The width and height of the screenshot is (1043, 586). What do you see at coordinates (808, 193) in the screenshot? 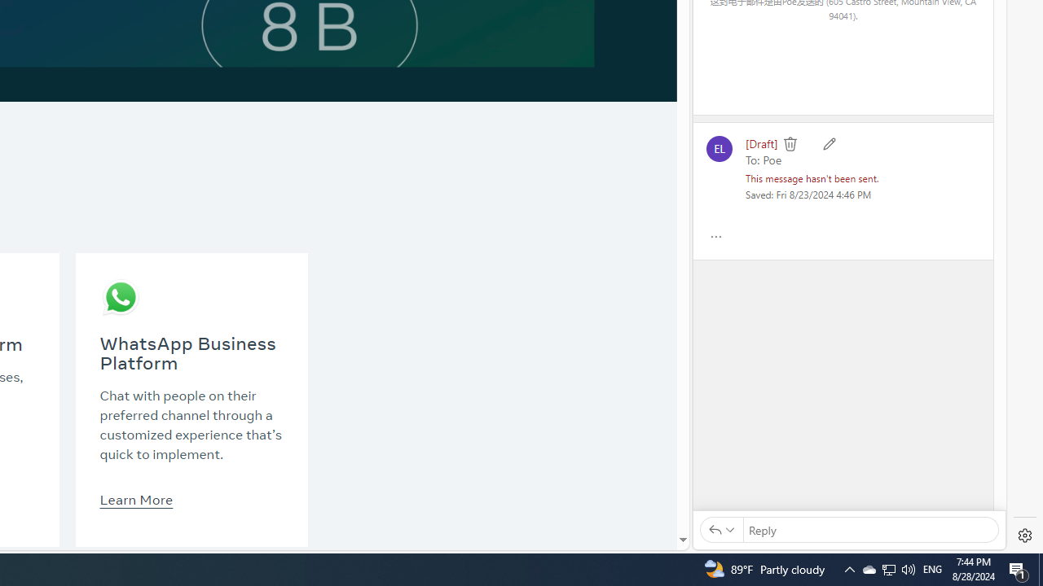
I see `'Draft saved on Fri 8/23/2024 4:46 PM'` at bounding box center [808, 193].